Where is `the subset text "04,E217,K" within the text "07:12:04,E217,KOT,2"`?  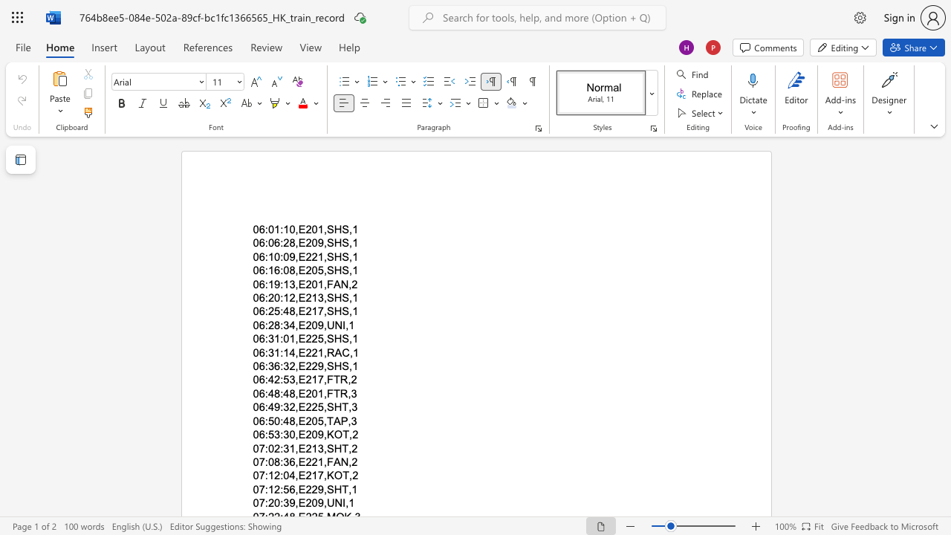 the subset text "04,E217,K" within the text "07:12:04,E217,KOT,2" is located at coordinates (283, 476).